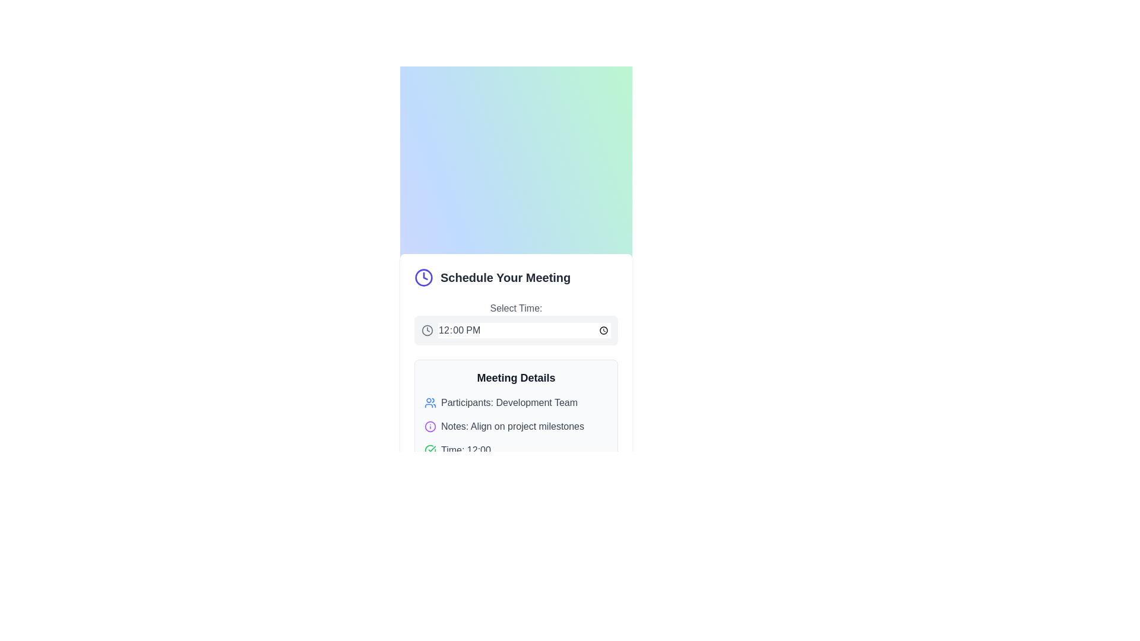 Image resolution: width=1140 pixels, height=641 pixels. What do you see at coordinates (429, 450) in the screenshot?
I see `the confirmation icon located to the left of the text 'Time: 12:00' in the 'Meeting Details' section` at bounding box center [429, 450].